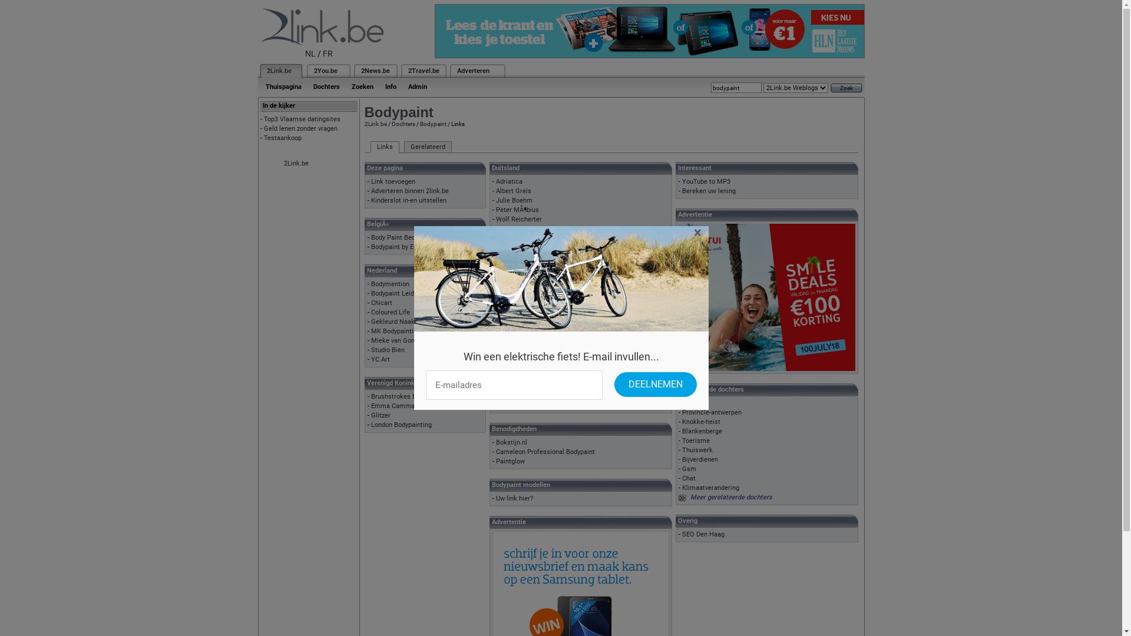  Describe the element at coordinates (405, 237) in the screenshot. I see `'Body Paint Become Art'` at that location.